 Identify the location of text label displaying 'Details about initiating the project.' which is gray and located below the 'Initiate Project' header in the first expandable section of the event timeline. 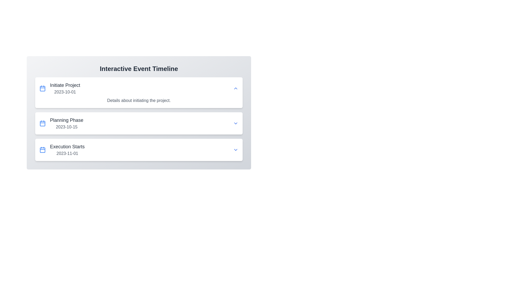
(139, 101).